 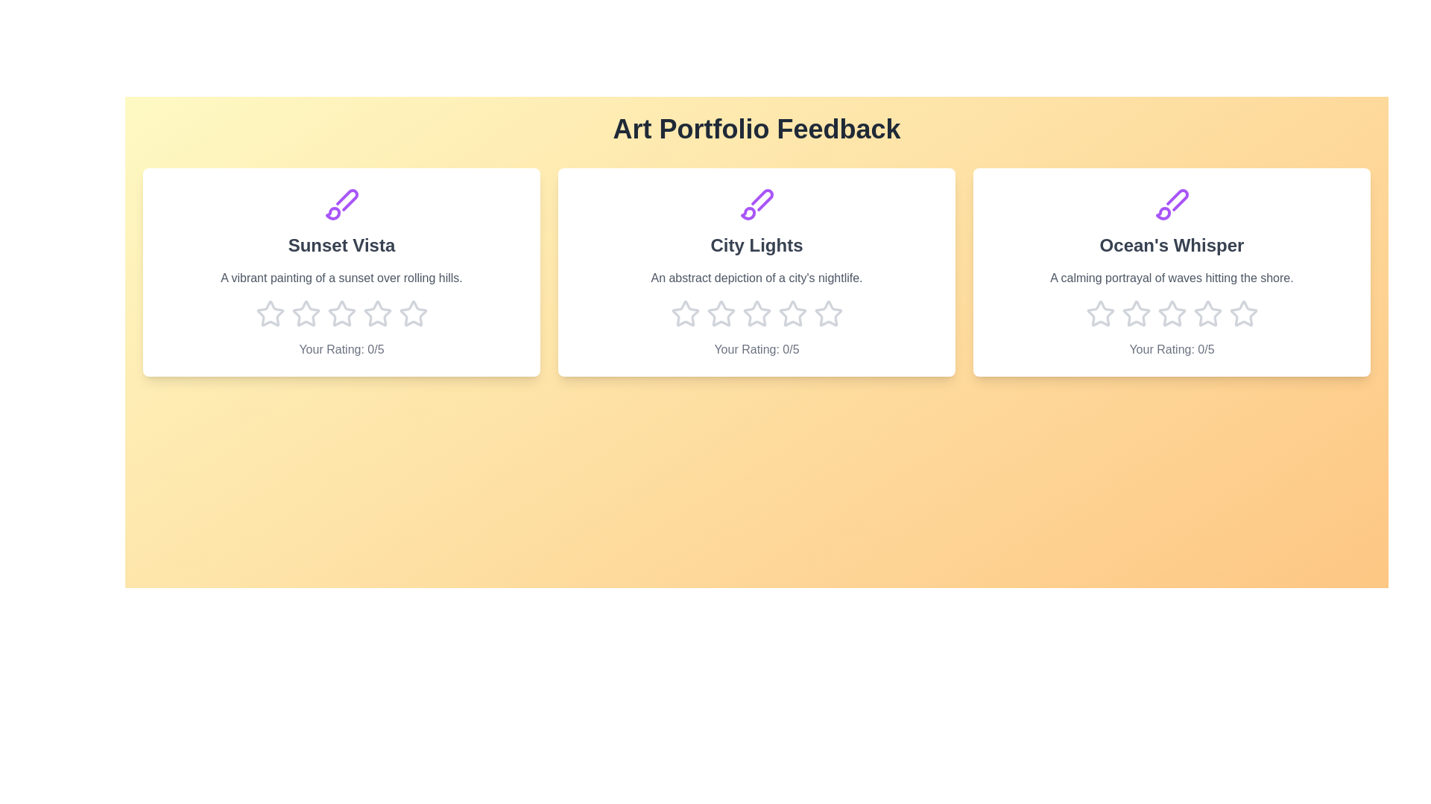 I want to click on the star corresponding to 3 stars for the artwork titled 'Ocean's Whisper', so click(x=1171, y=313).